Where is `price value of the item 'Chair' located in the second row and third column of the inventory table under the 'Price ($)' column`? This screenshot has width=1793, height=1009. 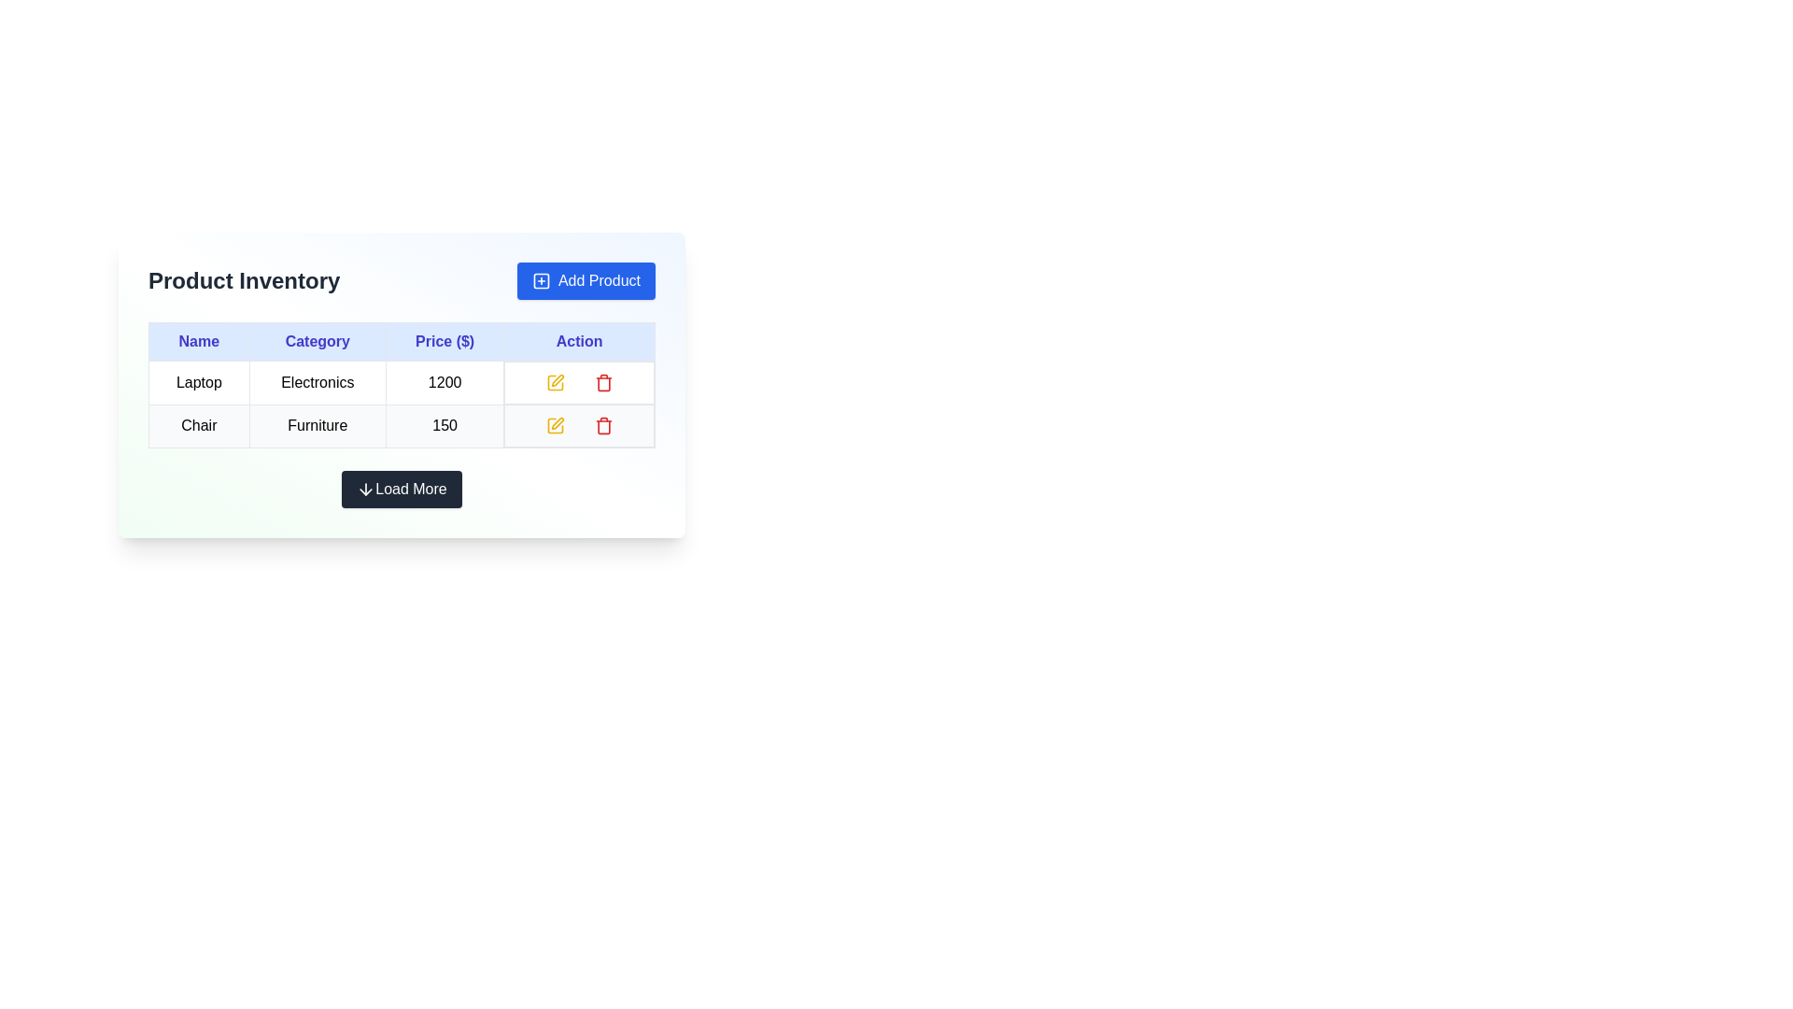 price value of the item 'Chair' located in the second row and third column of the inventory table under the 'Price ($)' column is located at coordinates (444, 426).